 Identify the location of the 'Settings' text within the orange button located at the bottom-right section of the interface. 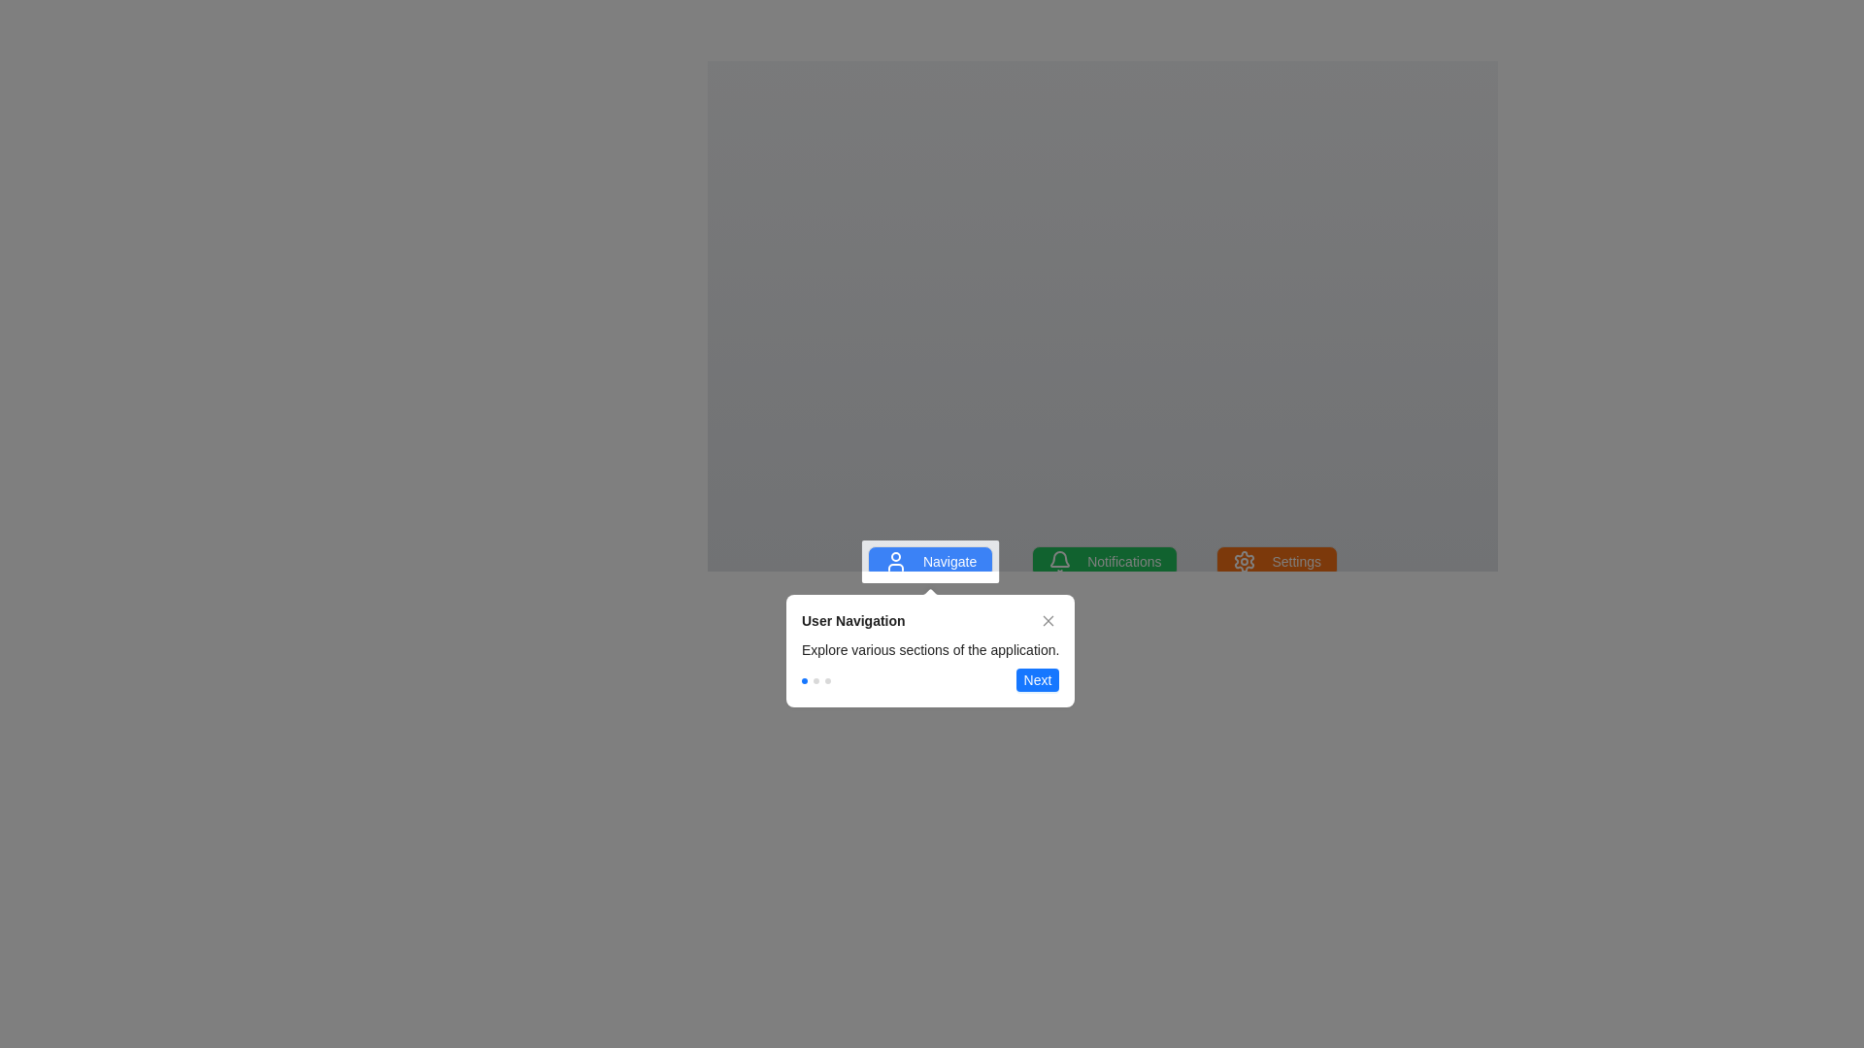
(1296, 561).